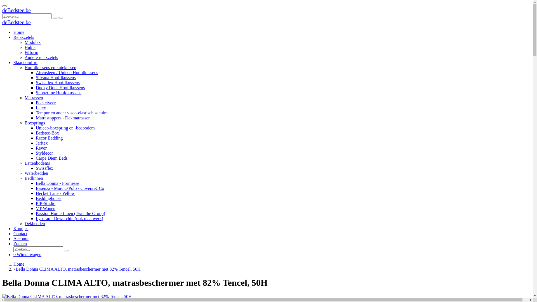 The height and width of the screenshot is (302, 537). What do you see at coordinates (20, 233) in the screenshot?
I see `'Contact'` at bounding box center [20, 233].